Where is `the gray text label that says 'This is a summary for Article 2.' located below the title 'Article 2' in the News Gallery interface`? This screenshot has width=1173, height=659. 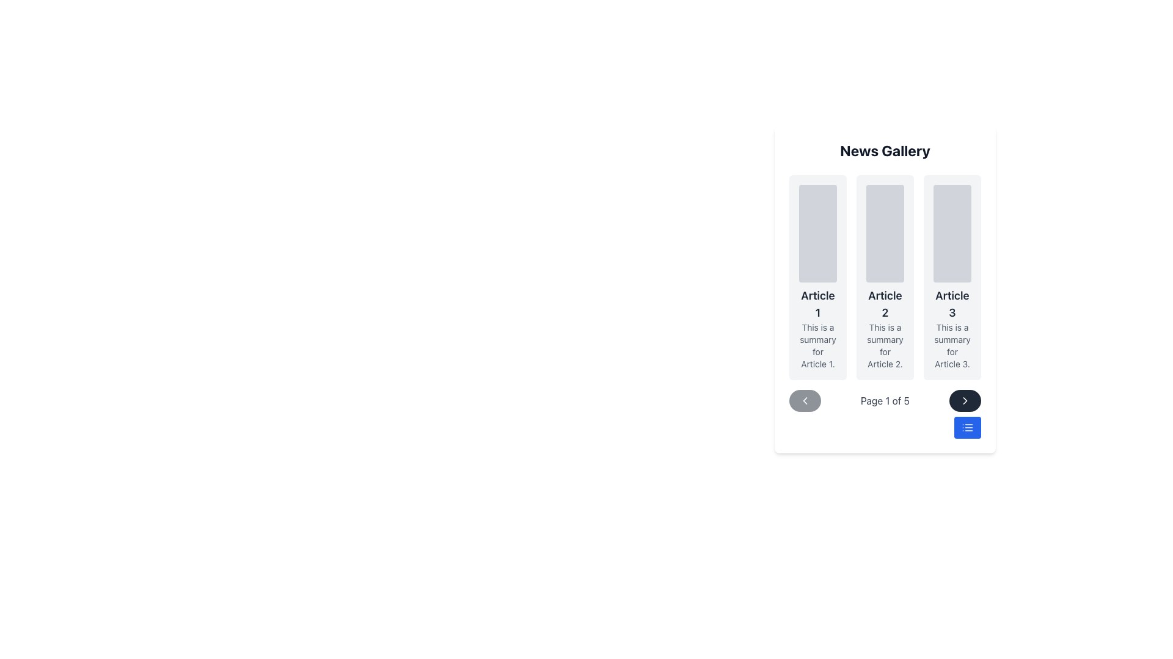 the gray text label that says 'This is a summary for Article 2.' located below the title 'Article 2' in the News Gallery interface is located at coordinates (885, 346).